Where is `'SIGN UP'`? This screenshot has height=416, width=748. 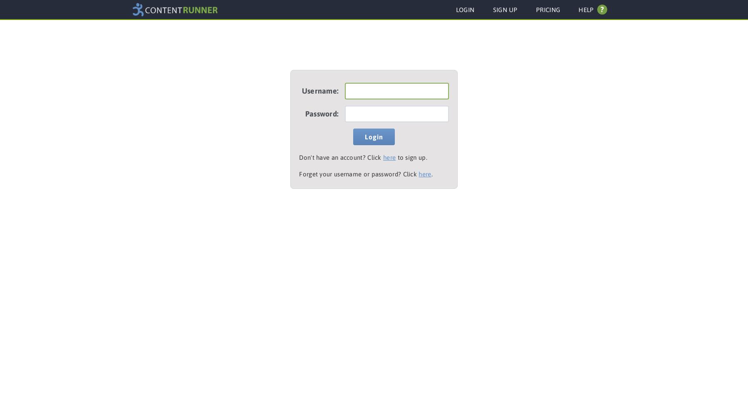 'SIGN UP' is located at coordinates (505, 10).